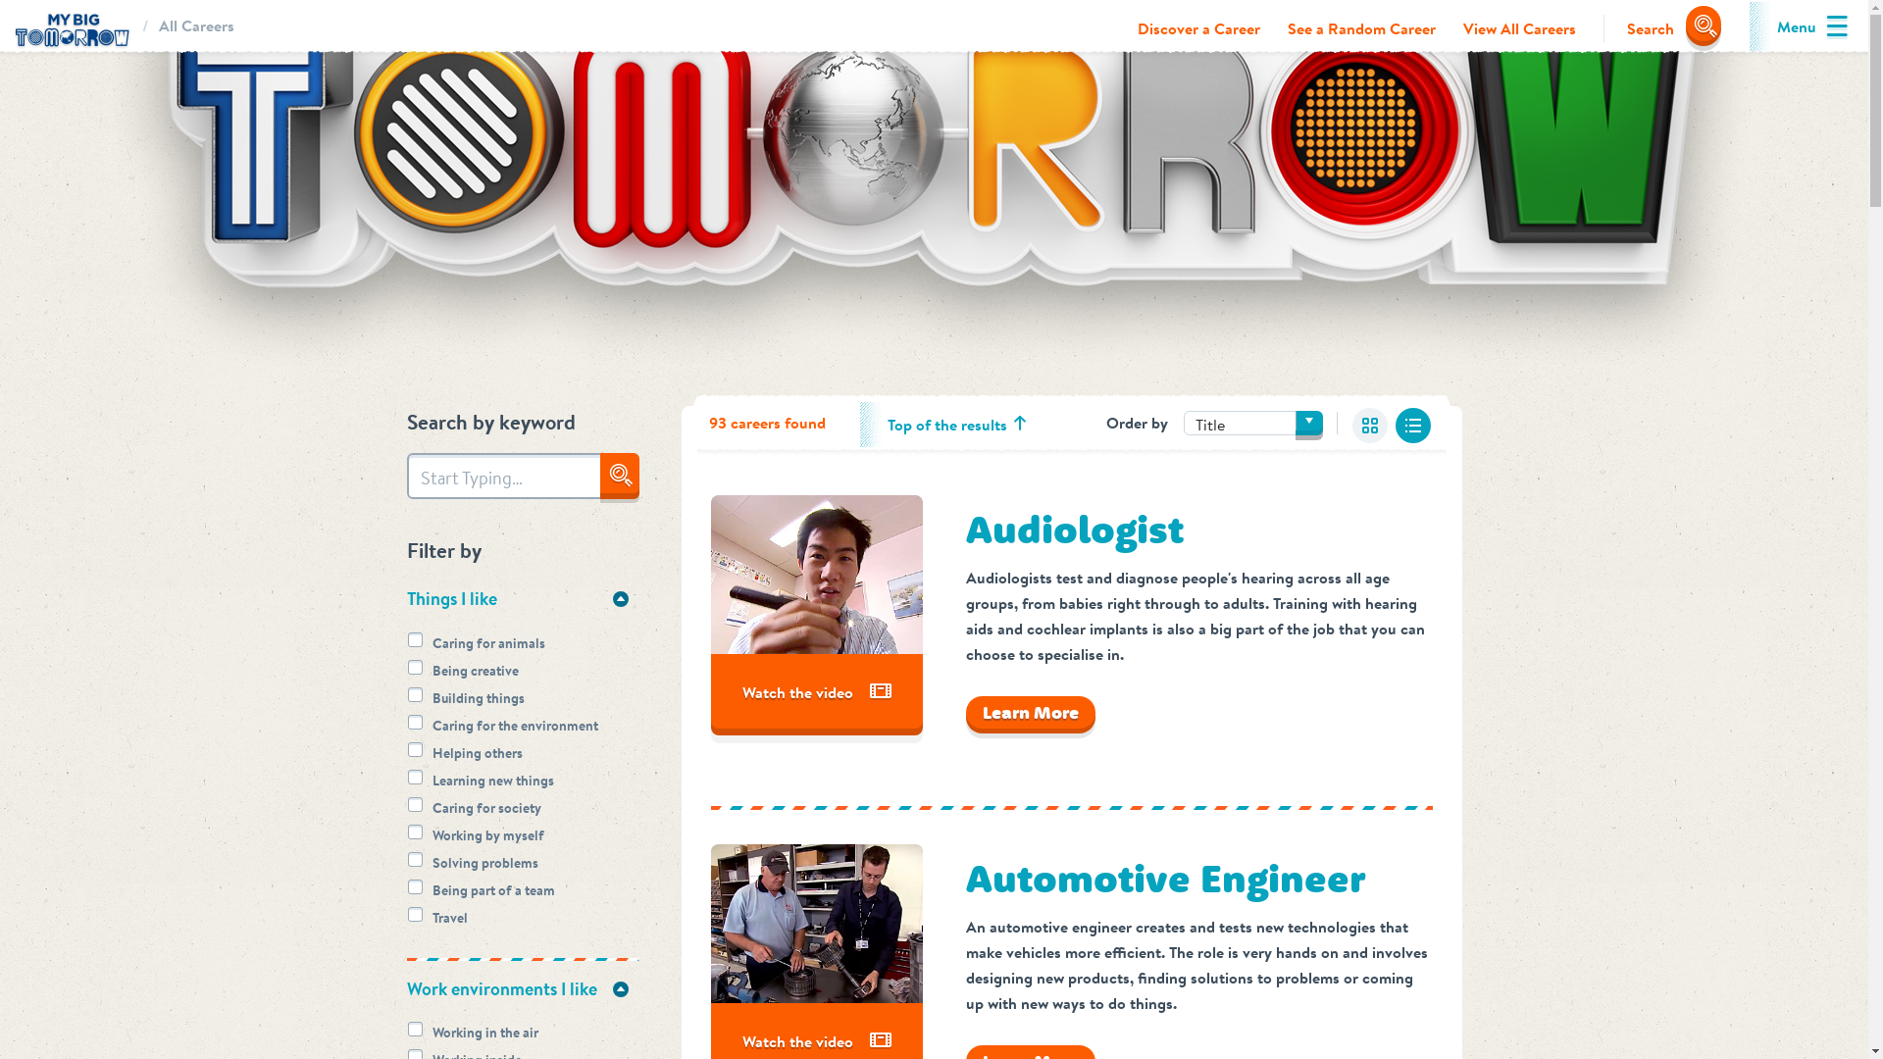  I want to click on 'See a Random Career', so click(1360, 28).